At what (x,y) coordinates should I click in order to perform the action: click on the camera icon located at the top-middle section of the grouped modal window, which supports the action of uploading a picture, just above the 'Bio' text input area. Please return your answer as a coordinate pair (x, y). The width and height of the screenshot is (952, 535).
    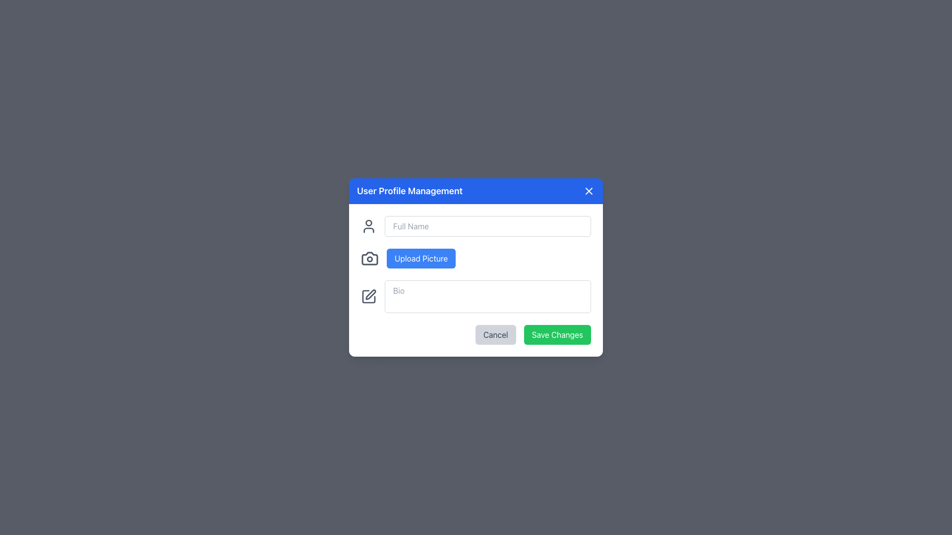
    Looking at the image, I should click on (369, 258).